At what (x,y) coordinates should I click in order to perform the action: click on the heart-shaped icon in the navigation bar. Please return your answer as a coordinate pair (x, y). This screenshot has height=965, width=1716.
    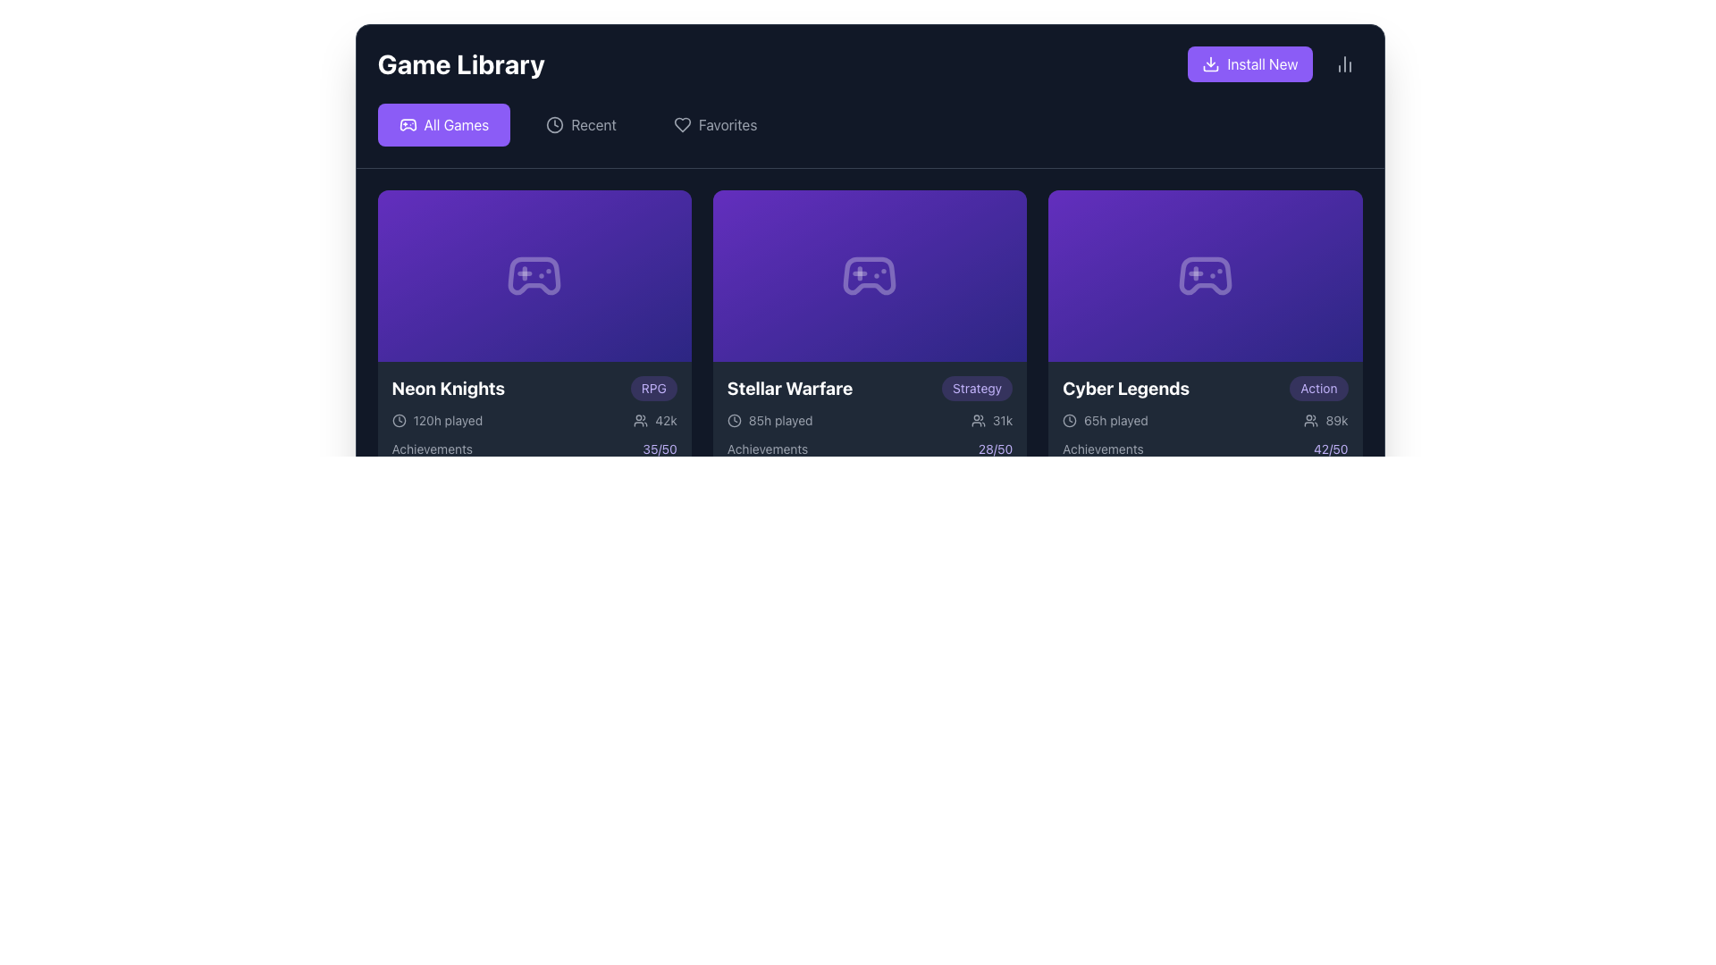
    Looking at the image, I should click on (681, 123).